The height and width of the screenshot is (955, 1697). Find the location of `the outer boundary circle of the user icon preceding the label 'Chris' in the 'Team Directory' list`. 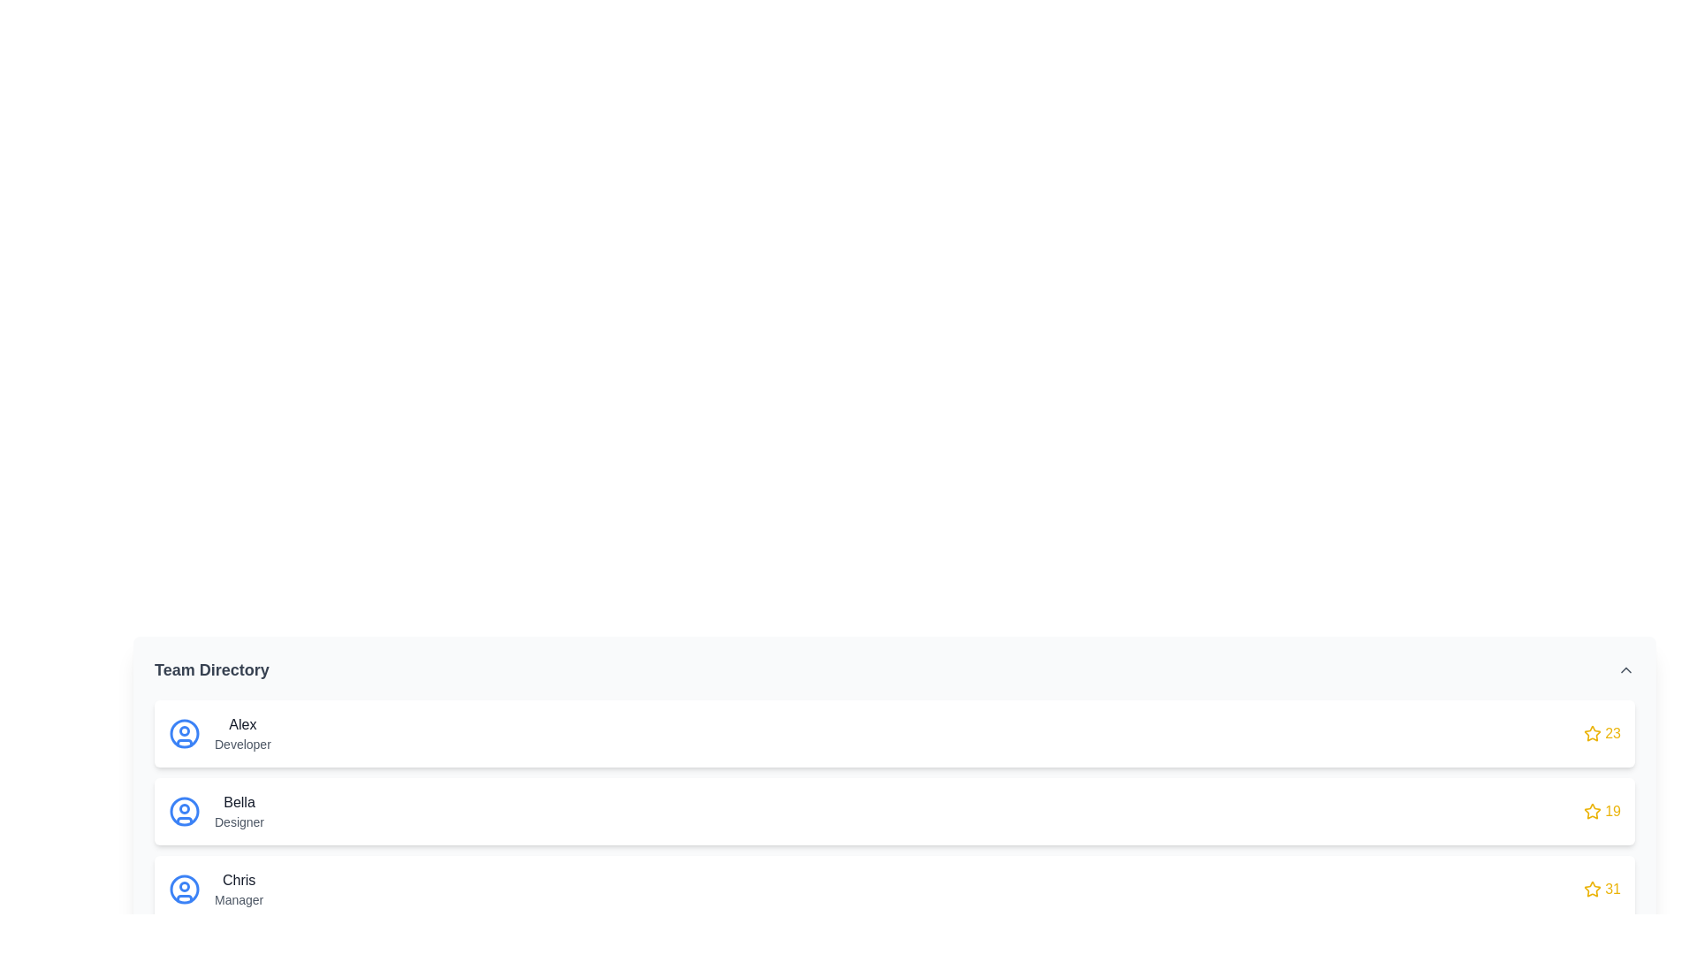

the outer boundary circle of the user icon preceding the label 'Chris' in the 'Team Directory' list is located at coordinates (185, 890).